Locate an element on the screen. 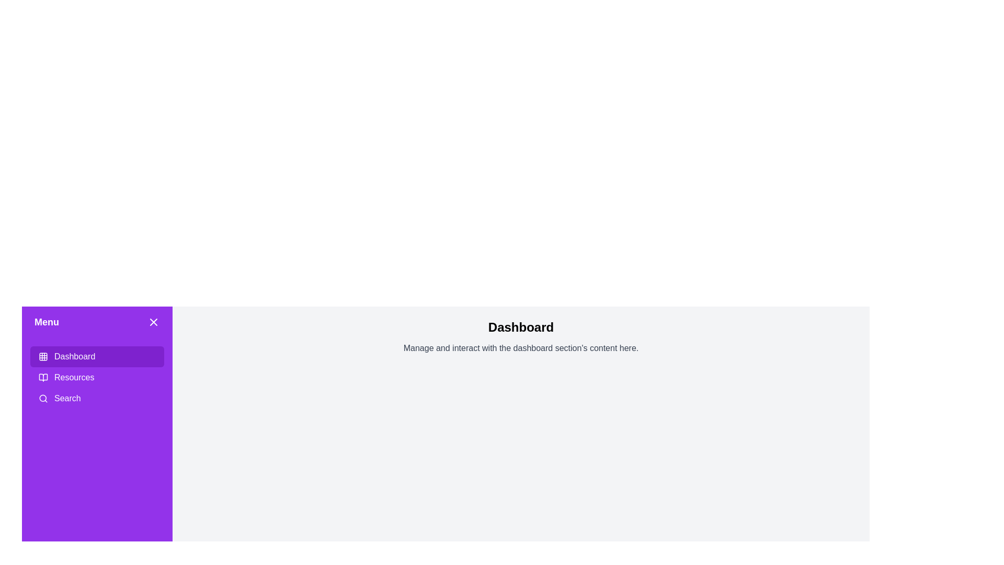 Image resolution: width=1004 pixels, height=565 pixels. the 'Resources' menu icon, which is located directly to the left of the text label 'Resources' is located at coordinates (42, 377).